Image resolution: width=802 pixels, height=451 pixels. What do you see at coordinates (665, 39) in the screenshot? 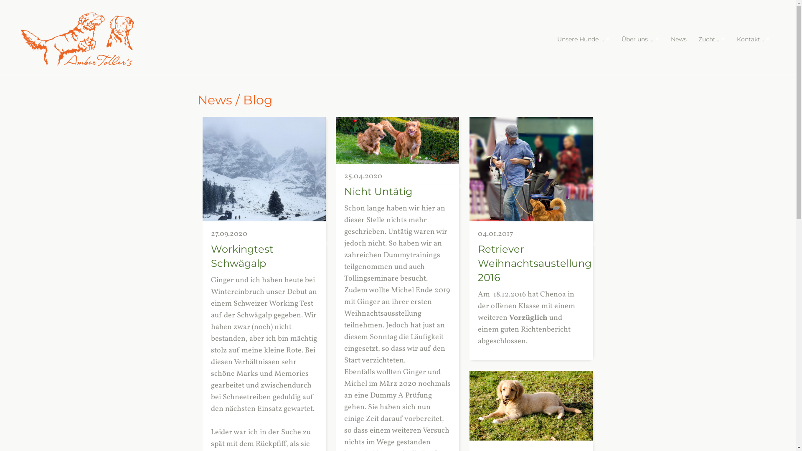
I see `'News'` at bounding box center [665, 39].